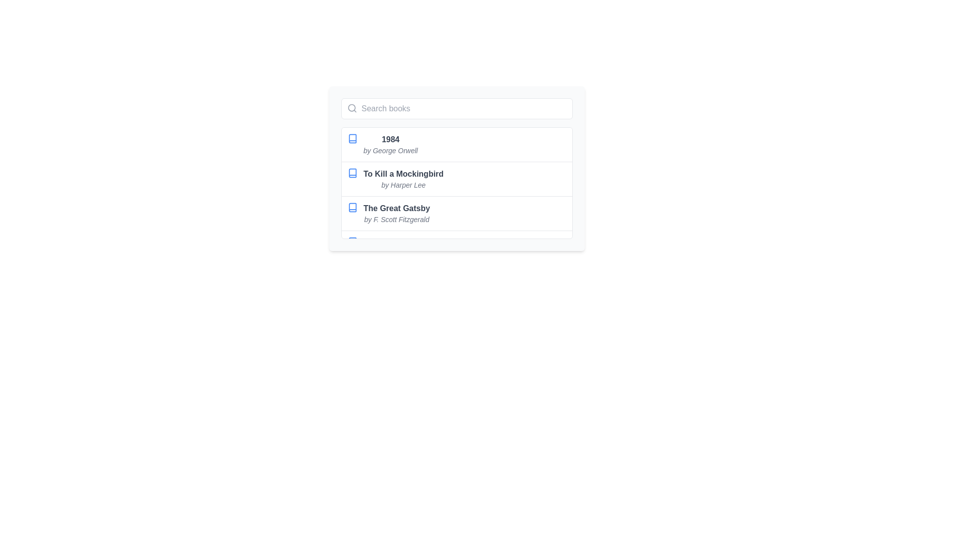 This screenshot has width=958, height=539. I want to click on the book icon associated with the third list item, which visually represents a book and is located to the left of the text content describing the book title and author, so click(352, 207).